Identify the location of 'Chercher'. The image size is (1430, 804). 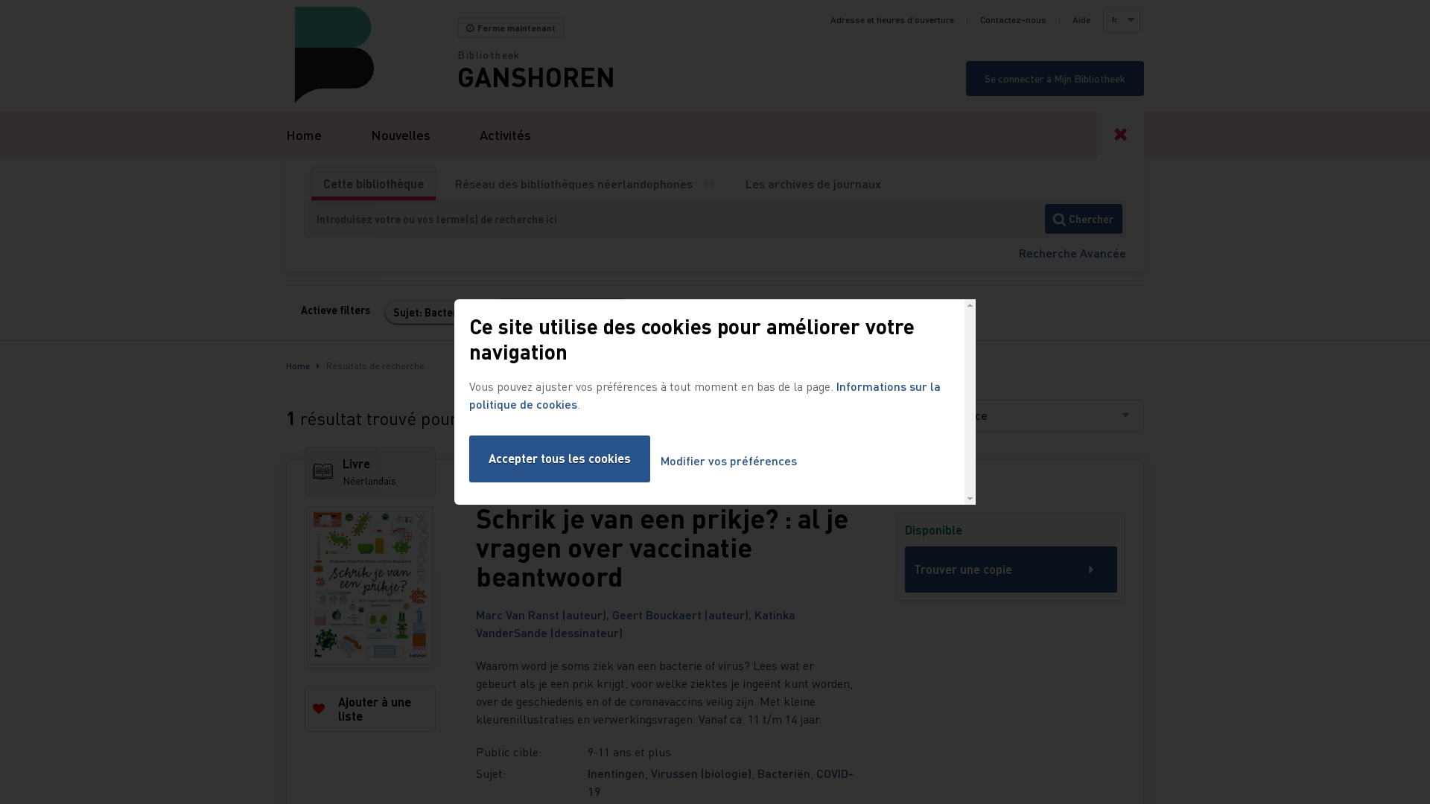
(1083, 218).